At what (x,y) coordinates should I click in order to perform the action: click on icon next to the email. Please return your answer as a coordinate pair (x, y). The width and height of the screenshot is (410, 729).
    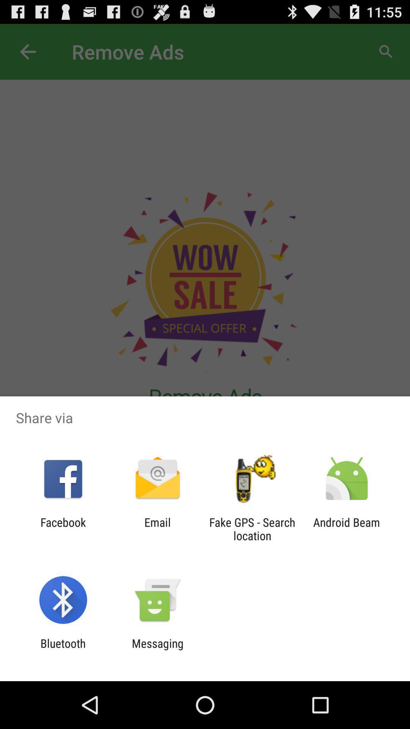
    Looking at the image, I should click on (63, 529).